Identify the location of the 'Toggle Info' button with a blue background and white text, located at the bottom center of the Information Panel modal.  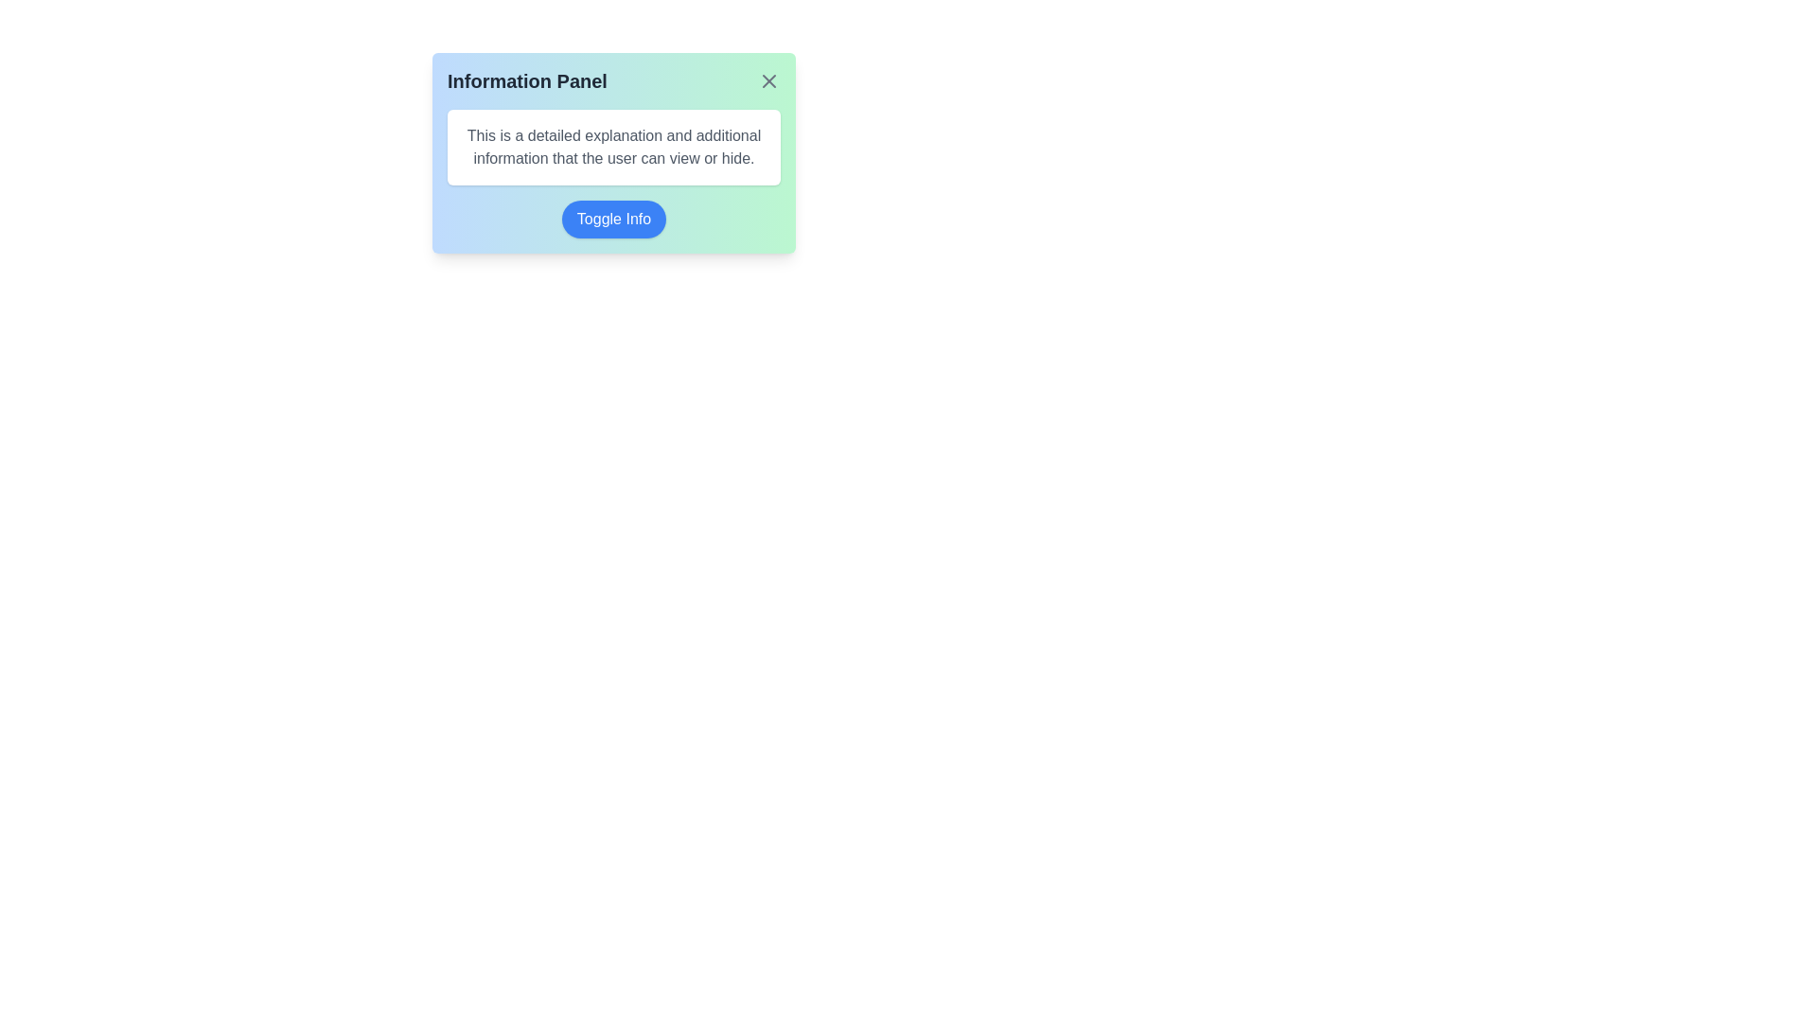
(613, 218).